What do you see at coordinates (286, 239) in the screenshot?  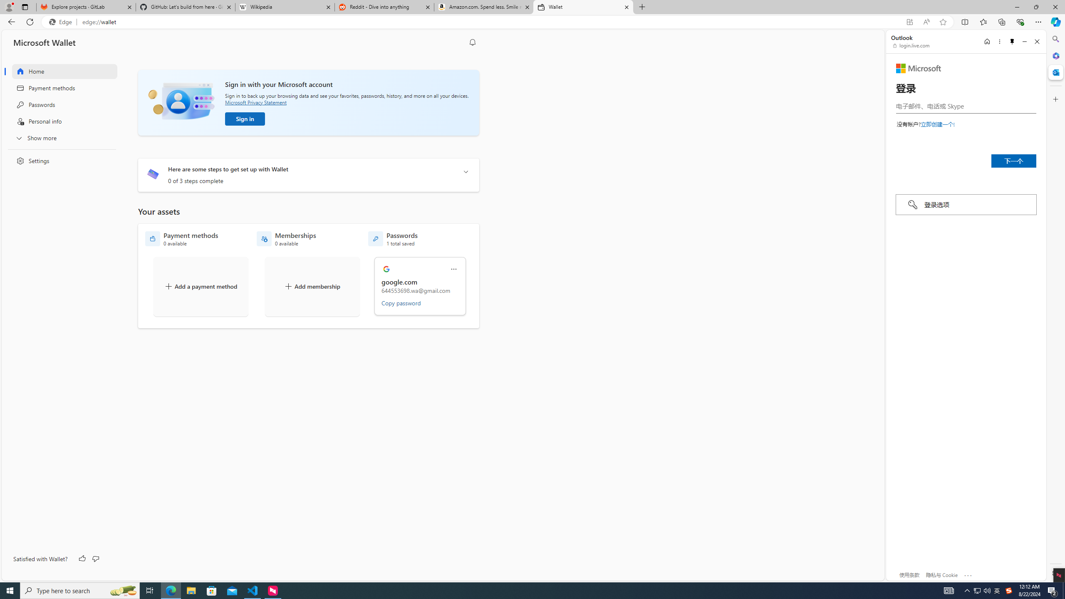 I see `'Memberships - 0 available'` at bounding box center [286, 239].